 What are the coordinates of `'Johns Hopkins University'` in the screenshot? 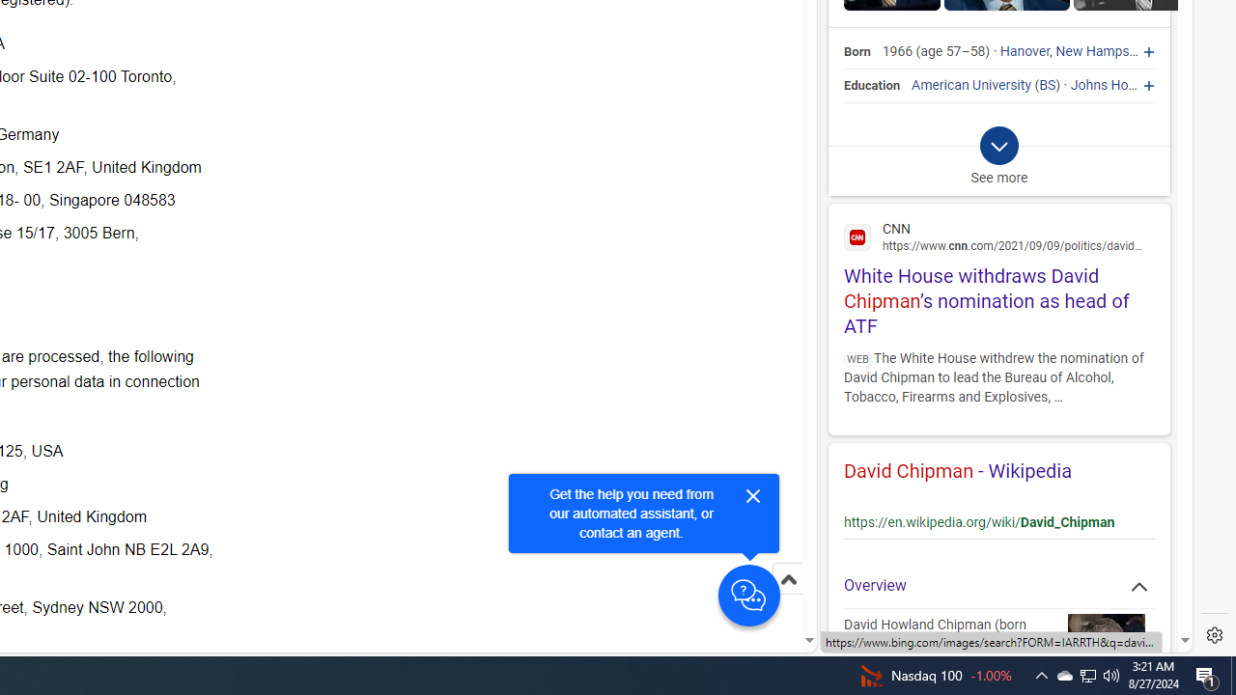 It's located at (1146, 84).